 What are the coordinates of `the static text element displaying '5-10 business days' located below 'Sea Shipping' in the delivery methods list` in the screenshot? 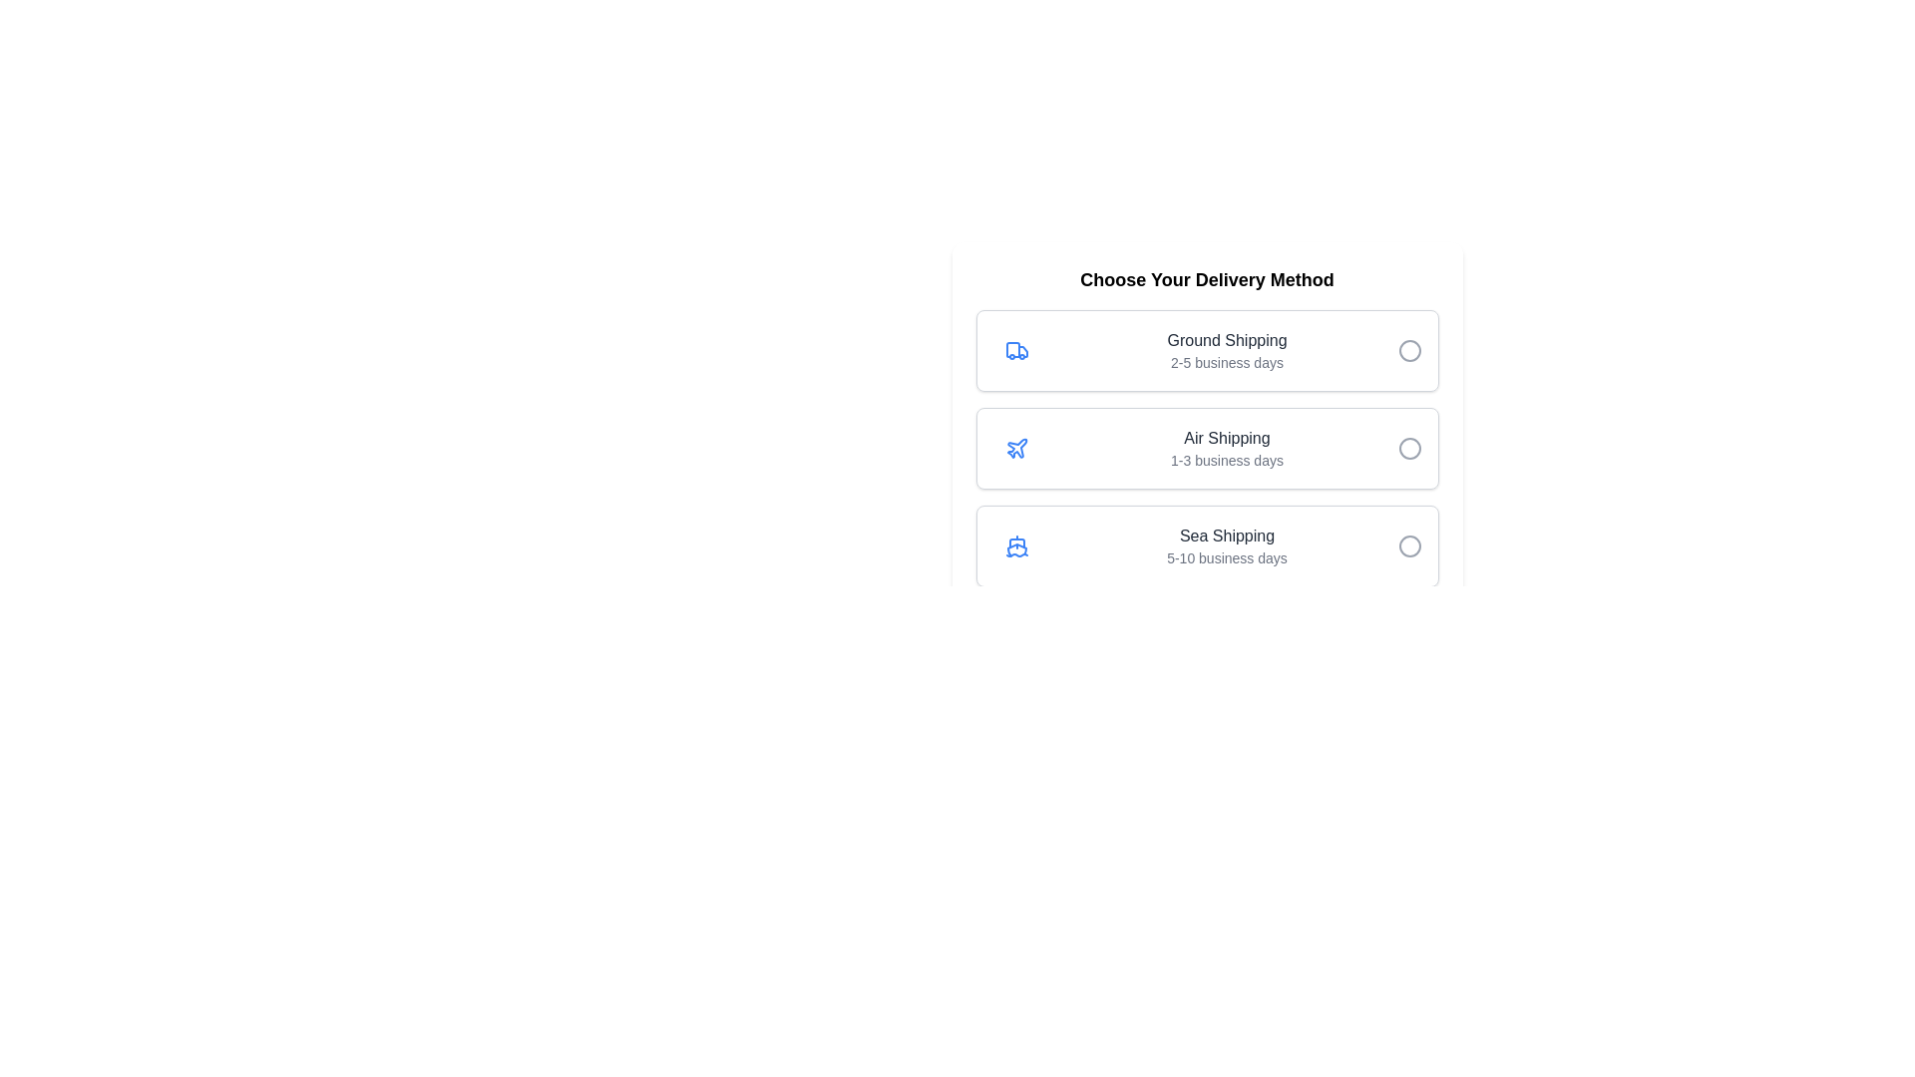 It's located at (1226, 557).